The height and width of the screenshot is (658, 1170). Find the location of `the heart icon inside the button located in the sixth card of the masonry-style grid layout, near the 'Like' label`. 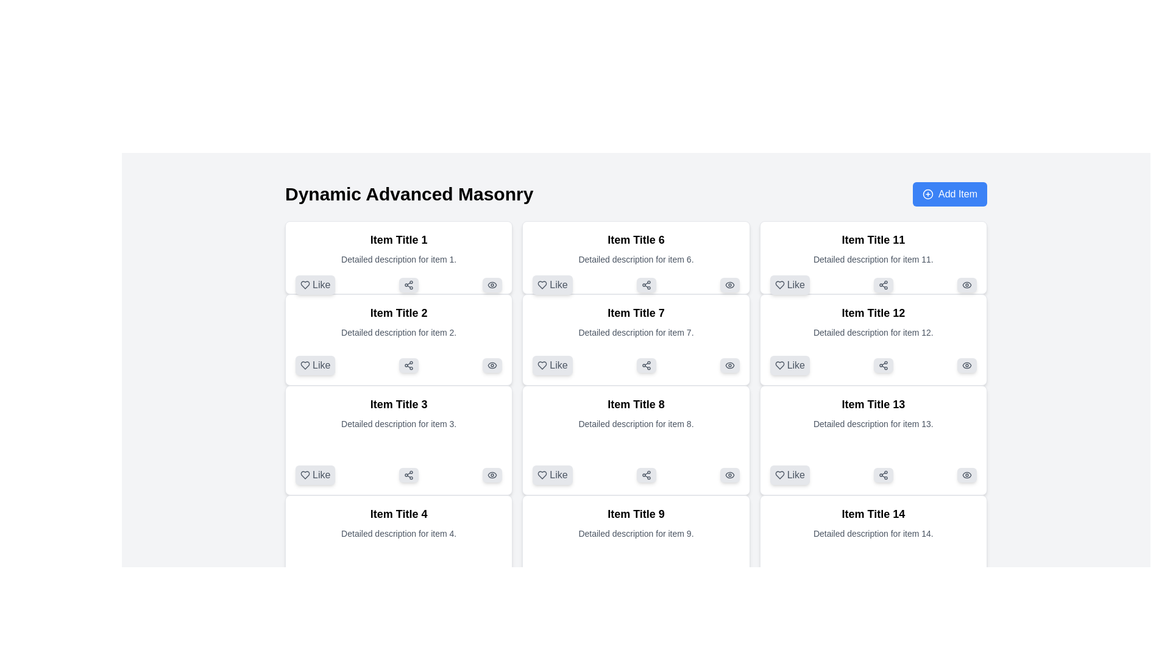

the heart icon inside the button located in the sixth card of the masonry-style grid layout, near the 'Like' label is located at coordinates (542, 285).